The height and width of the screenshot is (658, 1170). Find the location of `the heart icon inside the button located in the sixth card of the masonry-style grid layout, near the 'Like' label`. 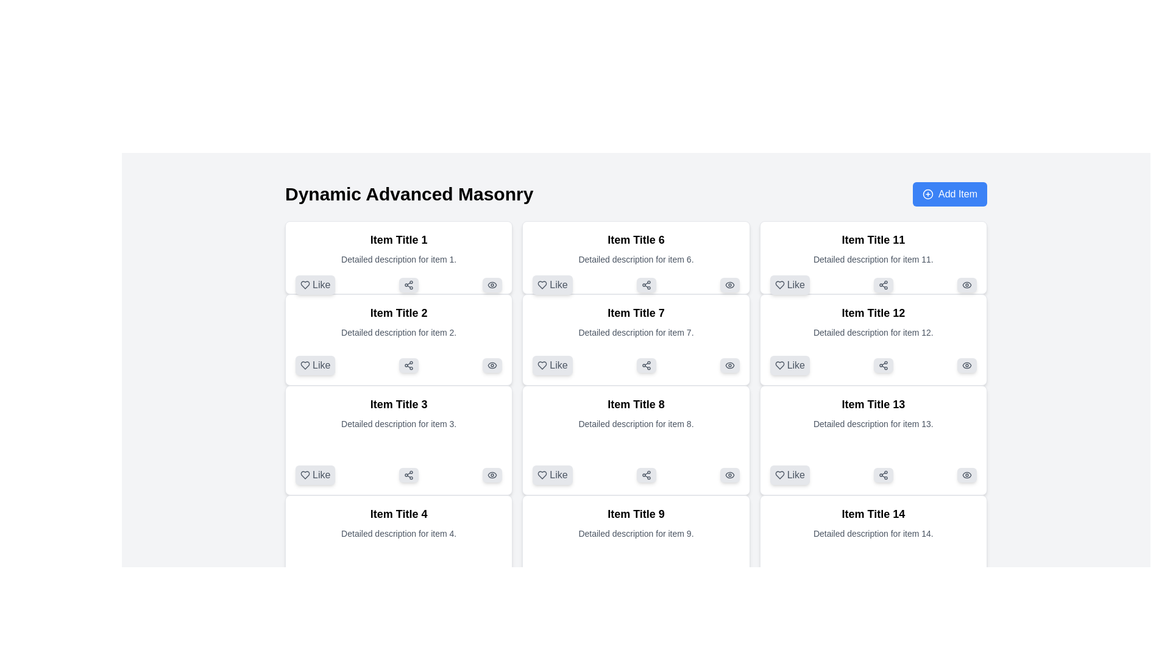

the heart icon inside the button located in the sixth card of the masonry-style grid layout, near the 'Like' label is located at coordinates (542, 285).